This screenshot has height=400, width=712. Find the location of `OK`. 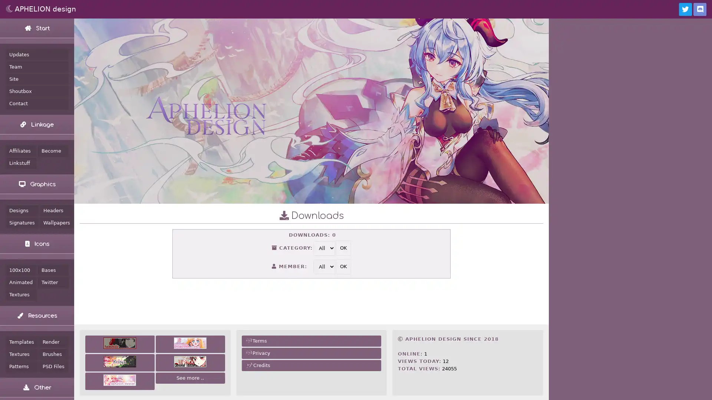

OK is located at coordinates (343, 267).